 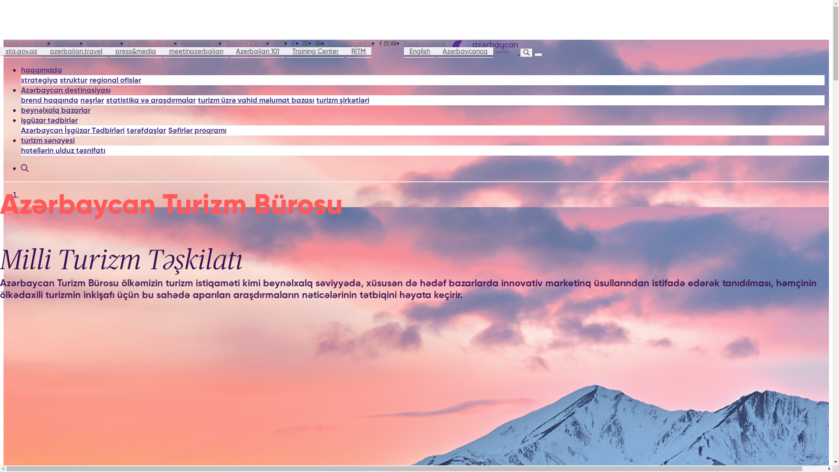 I want to click on 'Azerbaijan 101', so click(x=257, y=51).